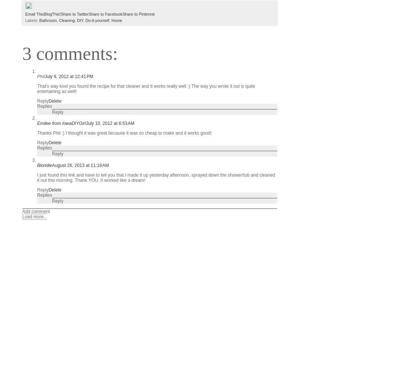 The width and height of the screenshot is (408, 380). I want to click on 'Labels:', so click(32, 20).